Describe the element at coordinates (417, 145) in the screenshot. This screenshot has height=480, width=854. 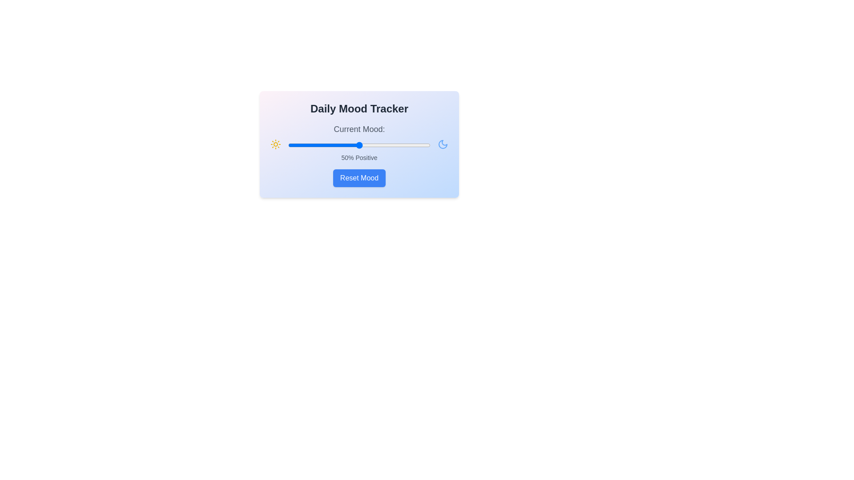
I see `mood rating` at that location.